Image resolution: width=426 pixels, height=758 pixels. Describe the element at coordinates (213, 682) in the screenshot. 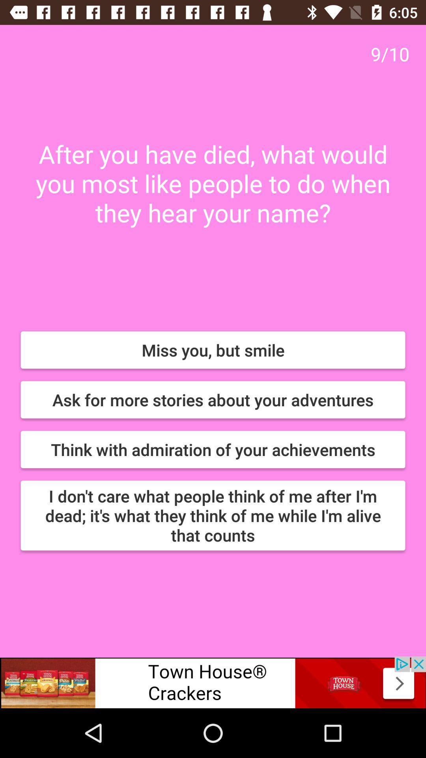

I see `connect to website` at that location.